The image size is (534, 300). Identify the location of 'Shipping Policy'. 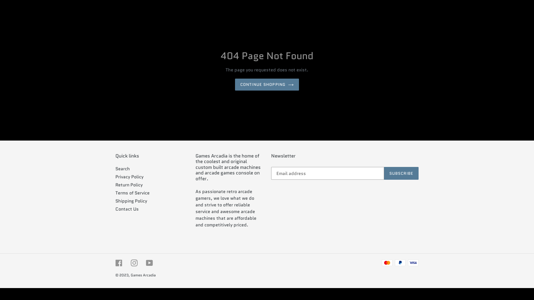
(131, 201).